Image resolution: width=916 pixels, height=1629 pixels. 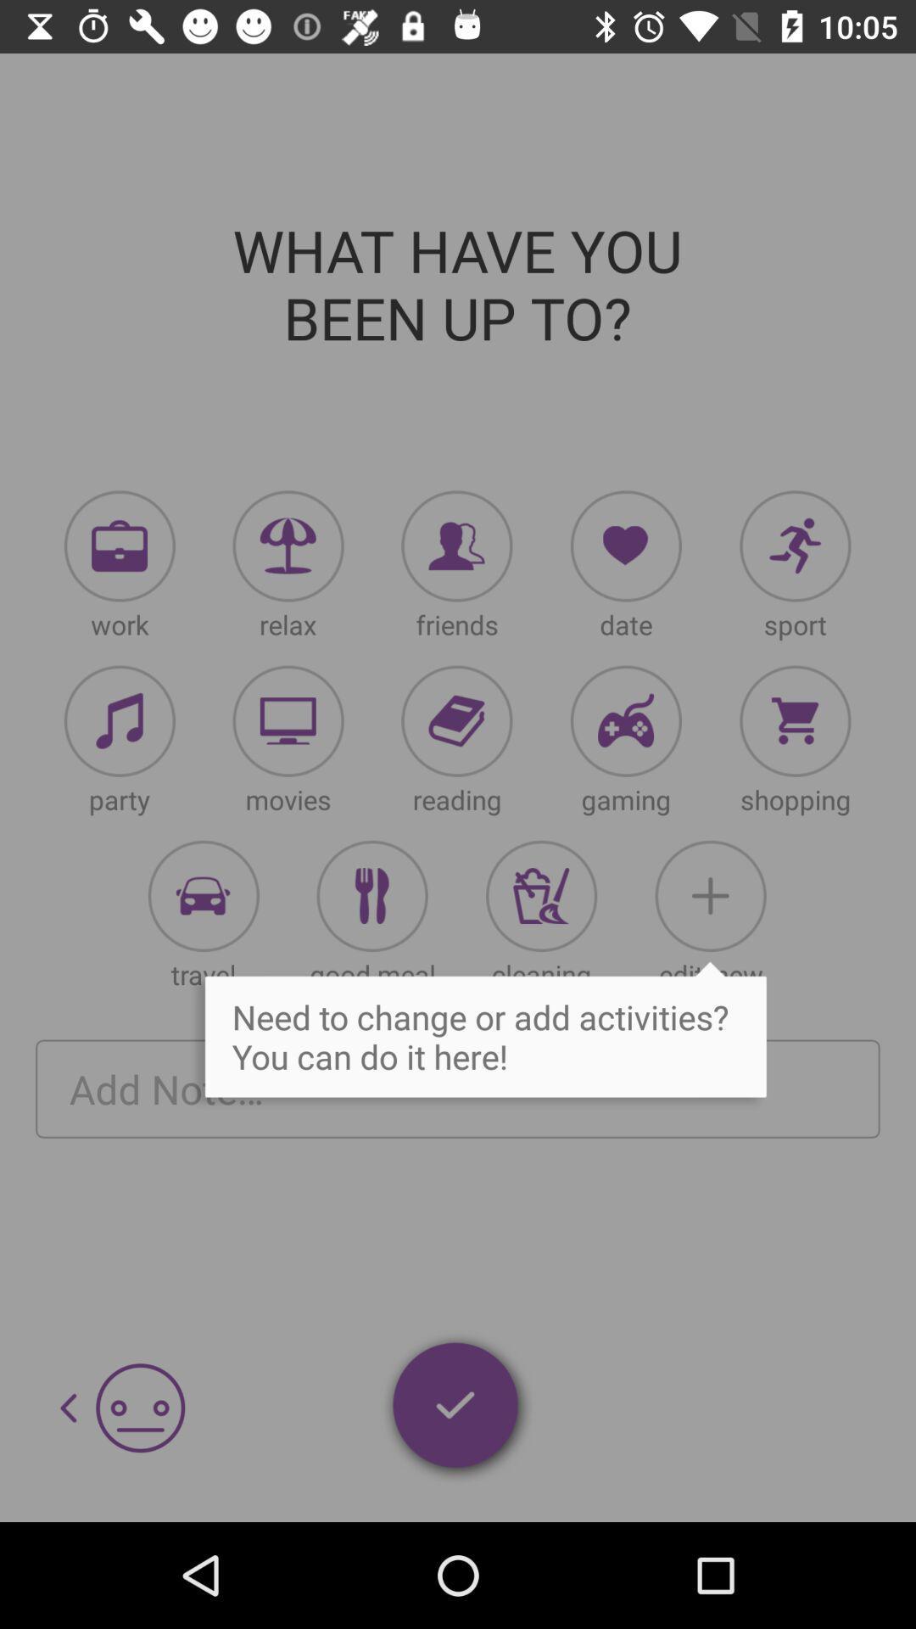 What do you see at coordinates (795, 546) in the screenshot?
I see `choose sport` at bounding box center [795, 546].